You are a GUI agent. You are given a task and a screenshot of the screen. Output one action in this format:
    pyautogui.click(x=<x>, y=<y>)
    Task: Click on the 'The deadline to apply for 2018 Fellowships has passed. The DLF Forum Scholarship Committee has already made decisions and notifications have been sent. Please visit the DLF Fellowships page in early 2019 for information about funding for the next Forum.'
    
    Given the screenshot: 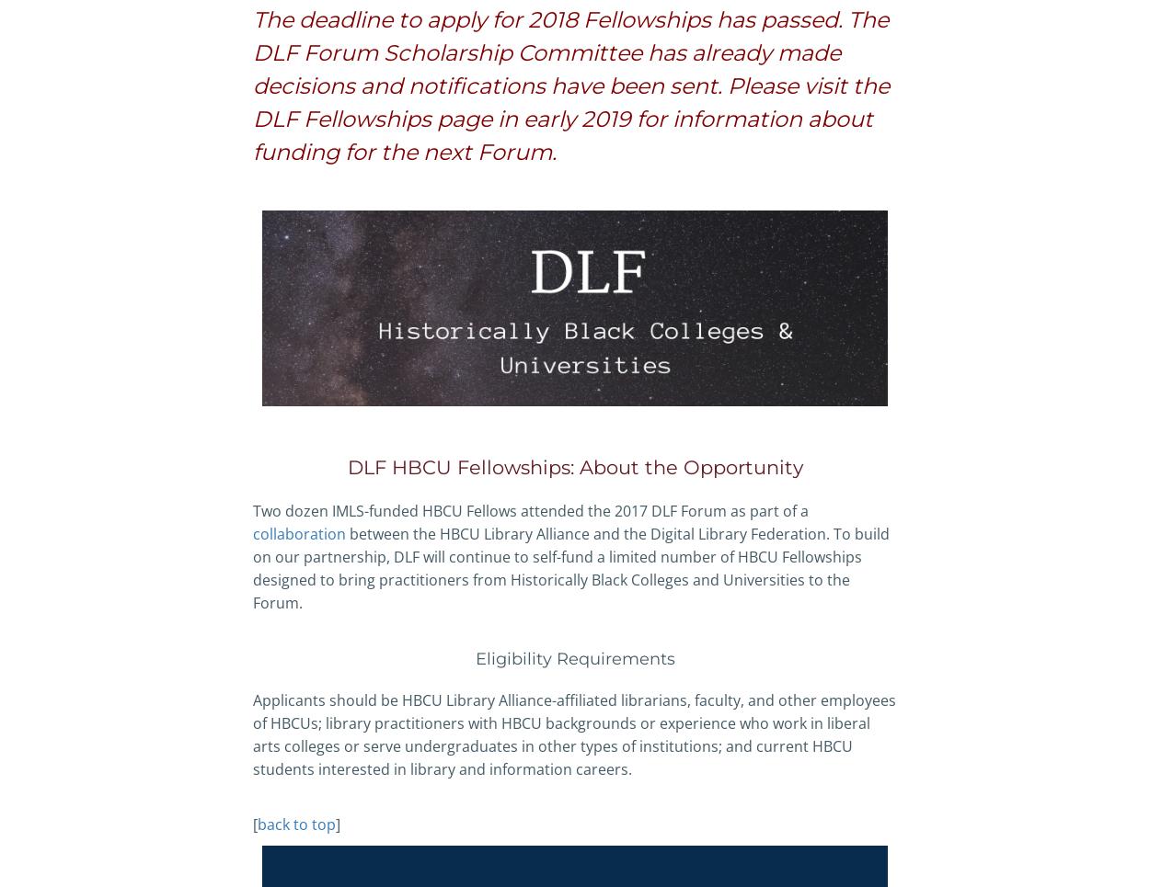 What is the action you would take?
    pyautogui.click(x=570, y=85)
    